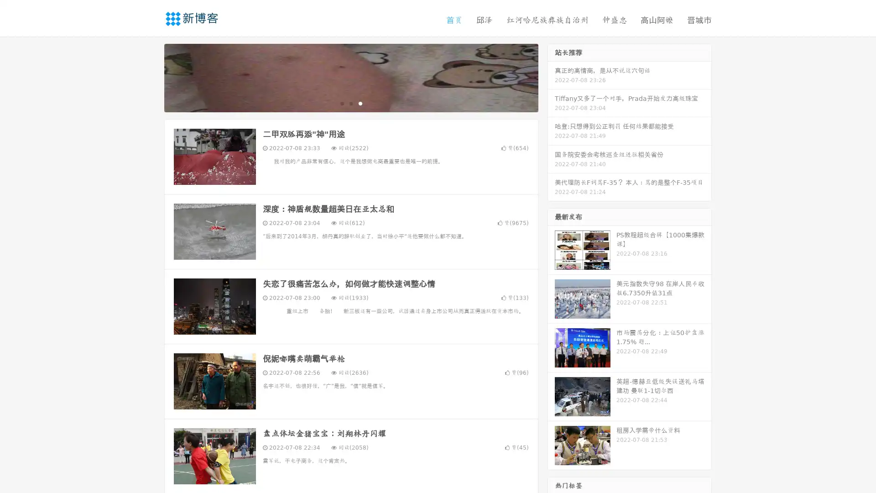 The width and height of the screenshot is (876, 493). What do you see at coordinates (151, 77) in the screenshot?
I see `Previous slide` at bounding box center [151, 77].